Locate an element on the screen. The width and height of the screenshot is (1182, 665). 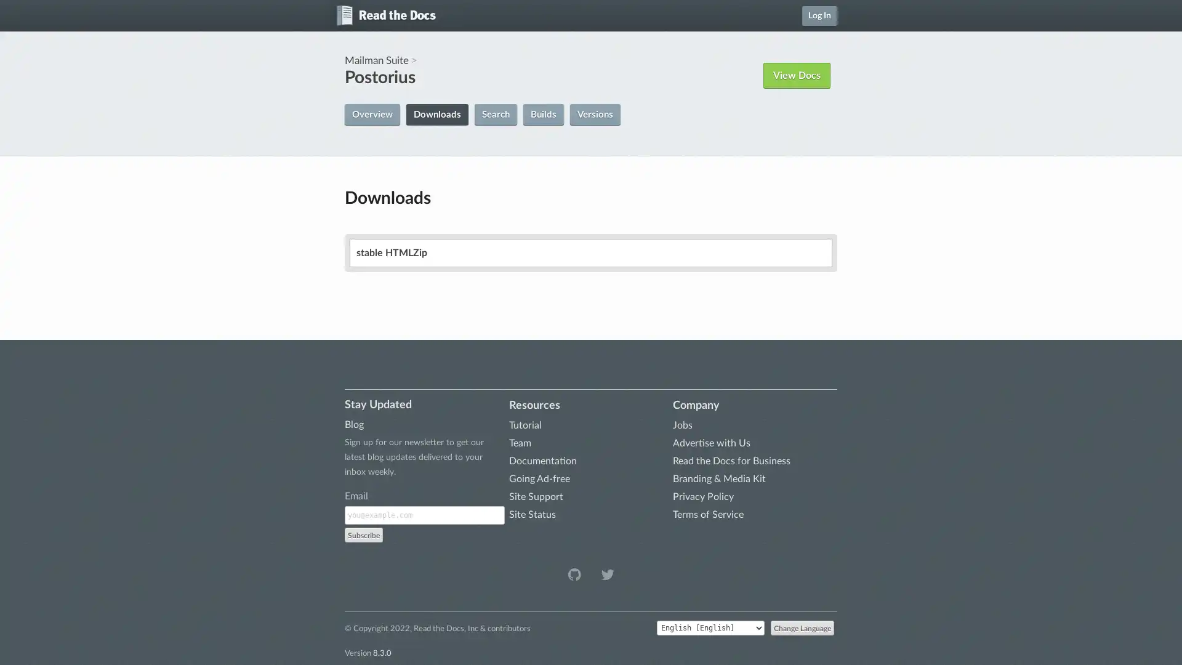
Subscribe is located at coordinates (363, 533).